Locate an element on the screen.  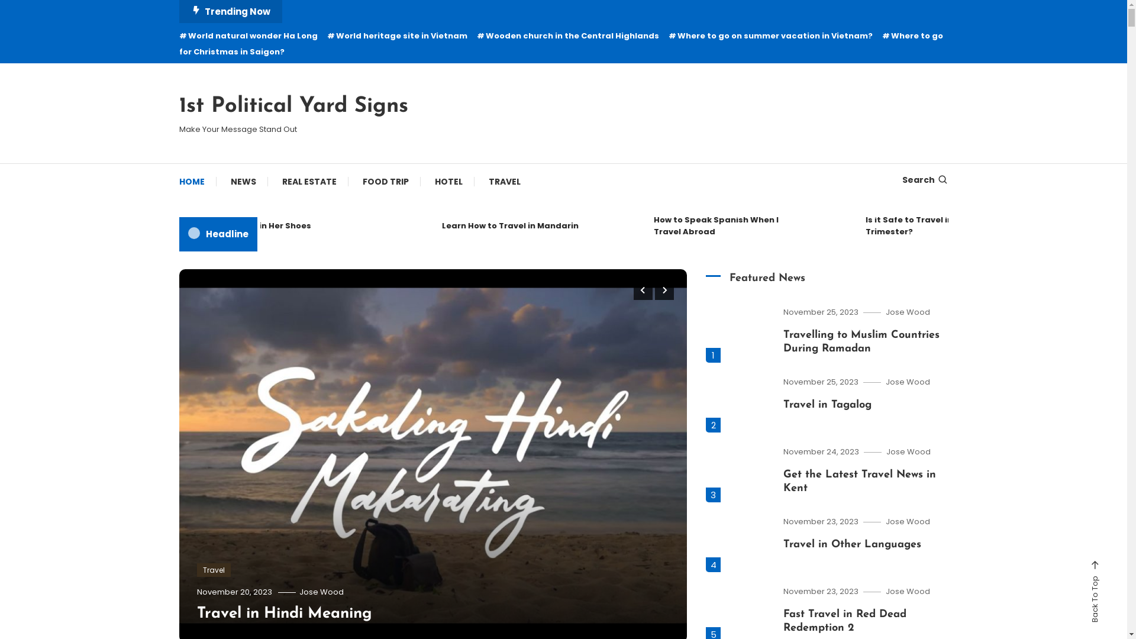
'NEWS' is located at coordinates (243, 182).